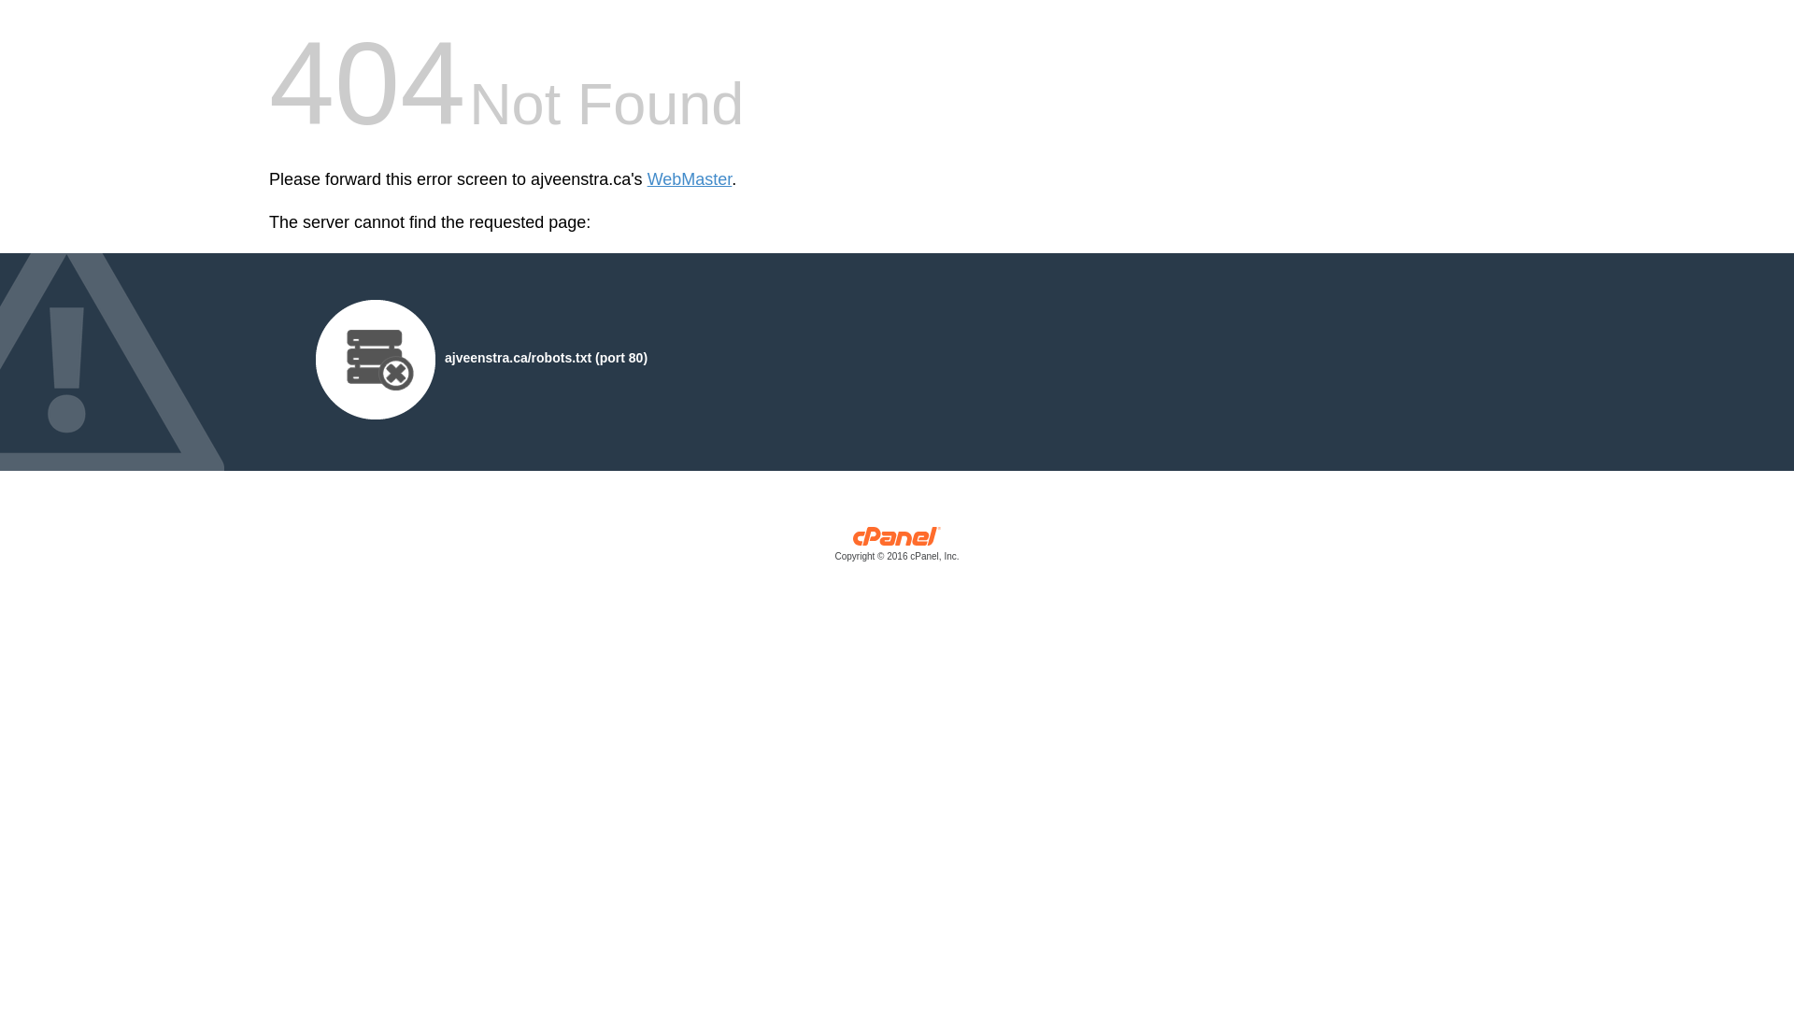 The width and height of the screenshot is (1794, 1009). I want to click on 'WebMaster', so click(647, 179).